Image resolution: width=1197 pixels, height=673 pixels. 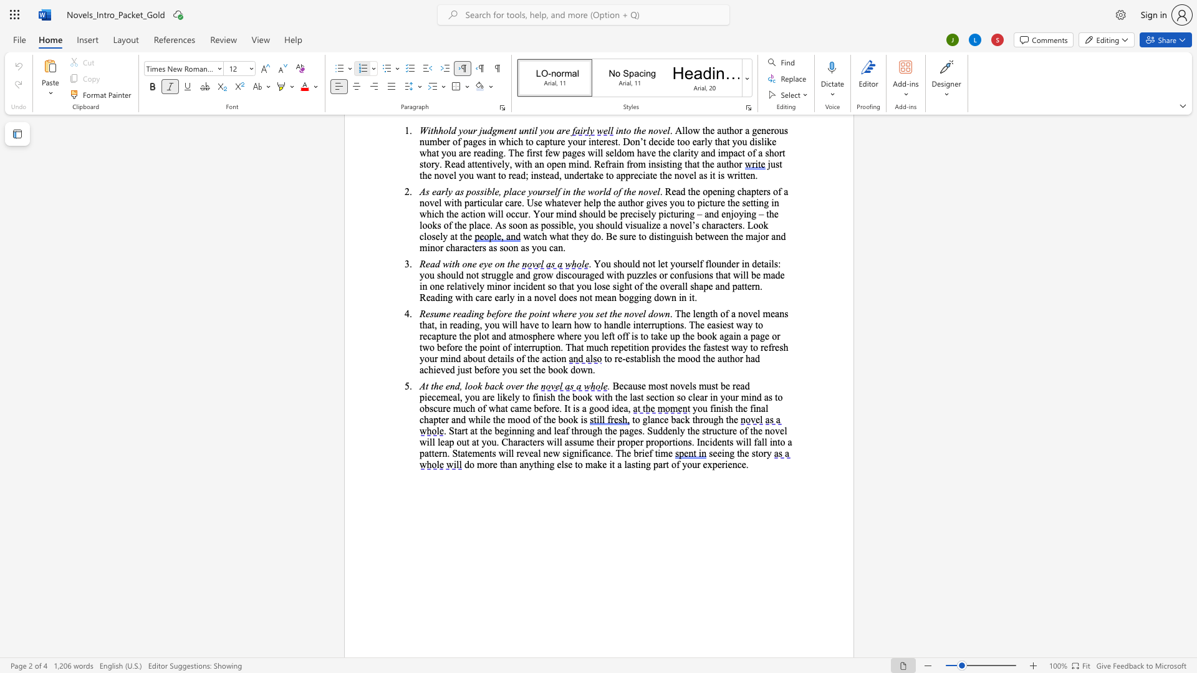 I want to click on the 1th character "o" in the text, so click(x=504, y=286).